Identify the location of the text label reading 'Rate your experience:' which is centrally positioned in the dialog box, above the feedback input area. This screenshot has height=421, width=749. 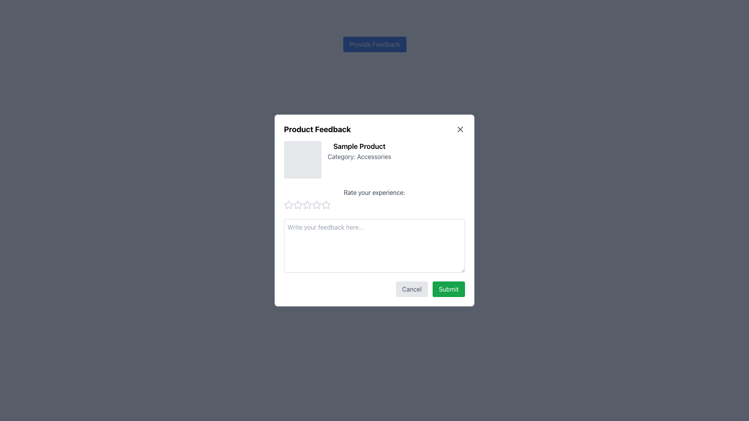
(374, 198).